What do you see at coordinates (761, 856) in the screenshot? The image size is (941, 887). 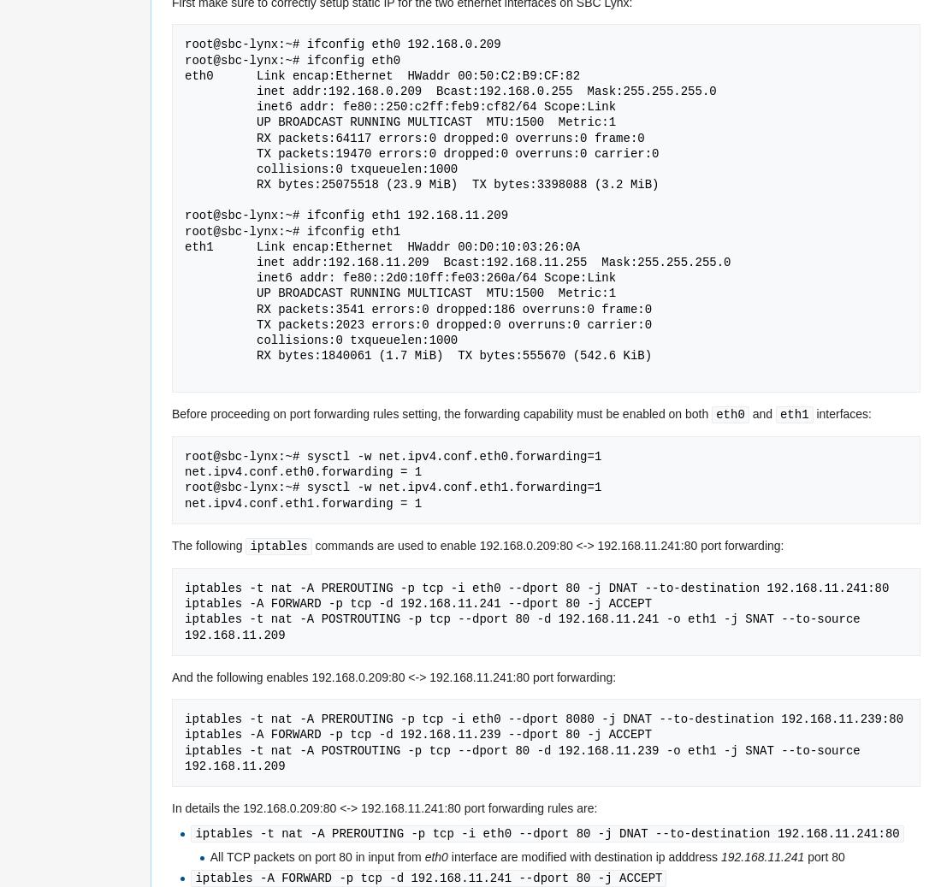 I see `'192.168.11.241'` at bounding box center [761, 856].